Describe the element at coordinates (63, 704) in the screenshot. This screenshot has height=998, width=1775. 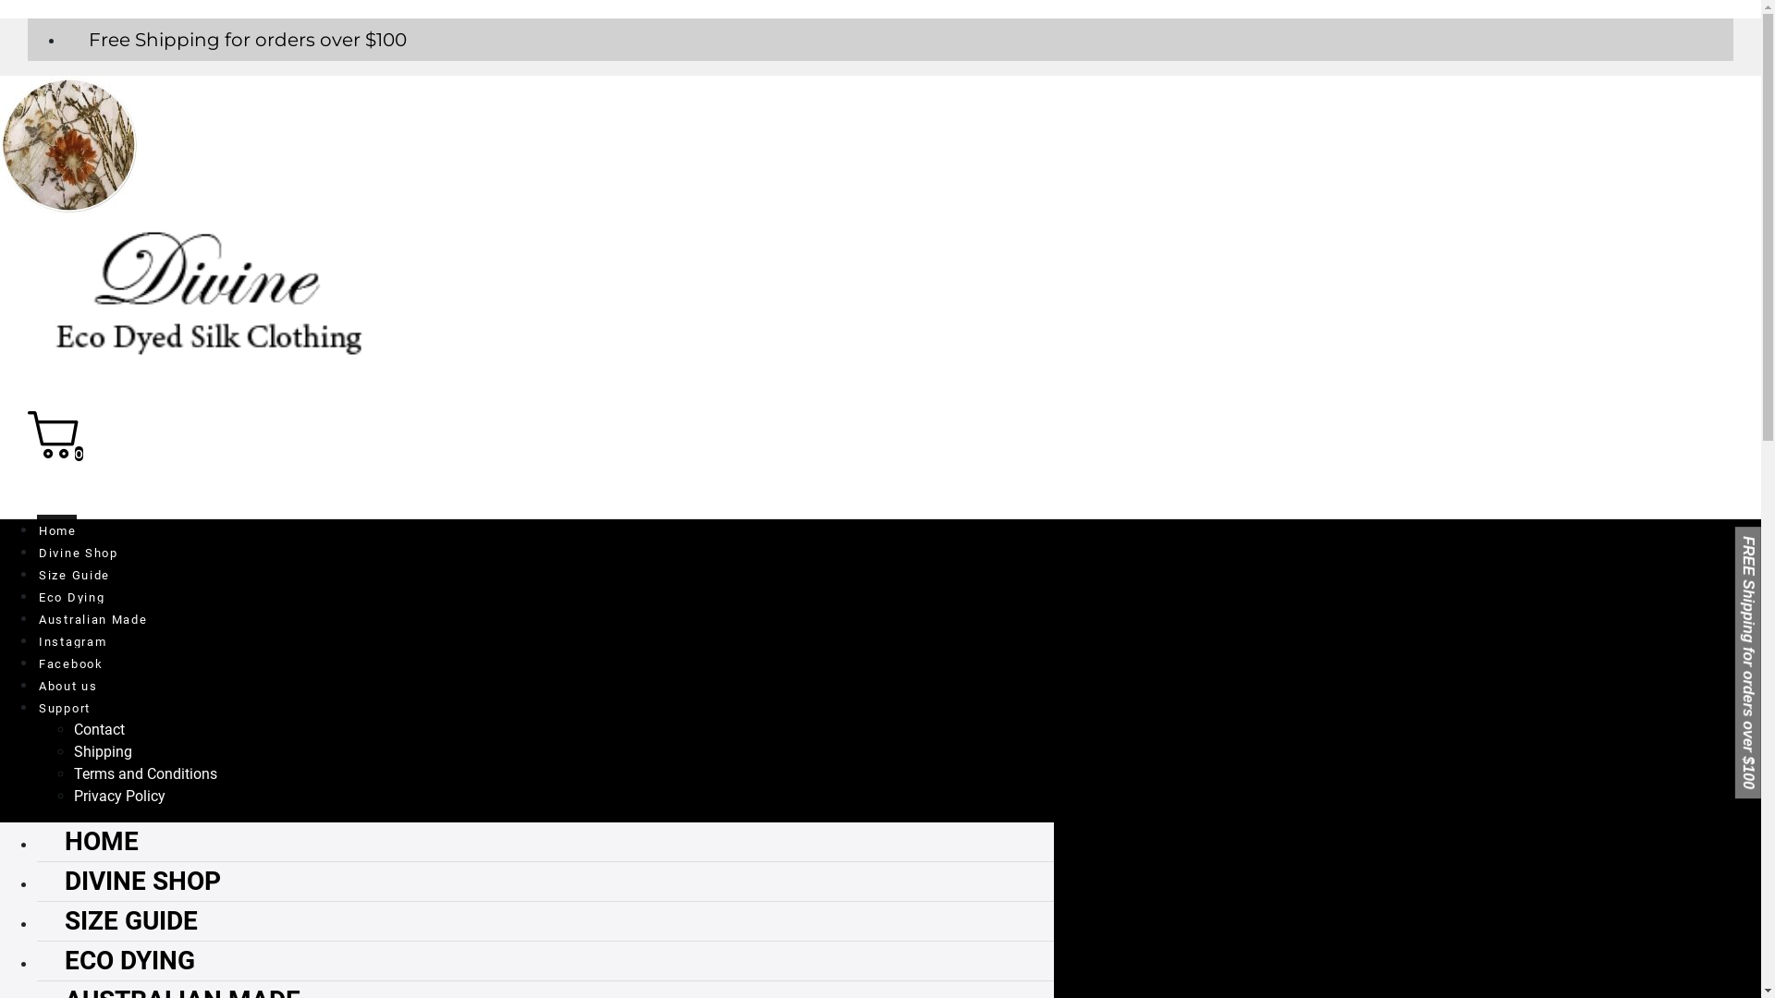
I see `'Support'` at that location.